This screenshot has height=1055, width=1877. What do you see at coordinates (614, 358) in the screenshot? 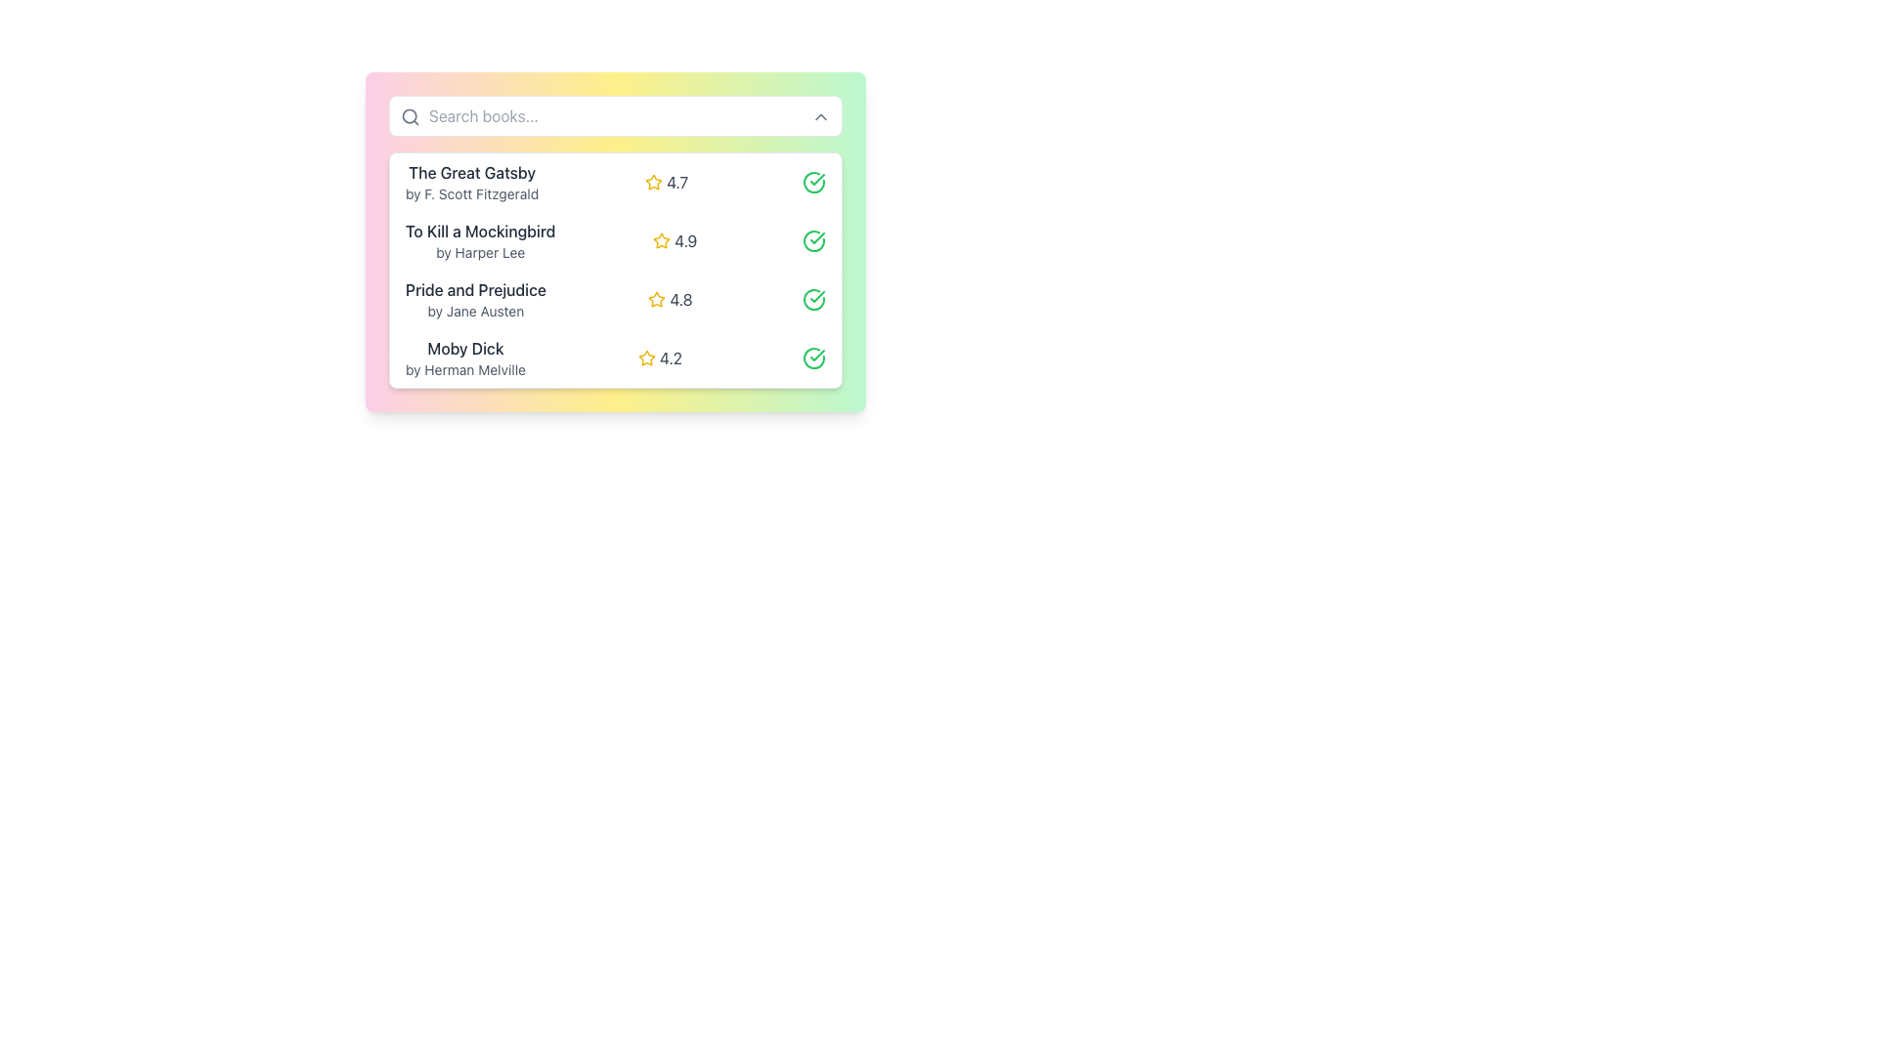
I see `the fourth item in the book list for 'Moby Dick'` at bounding box center [614, 358].